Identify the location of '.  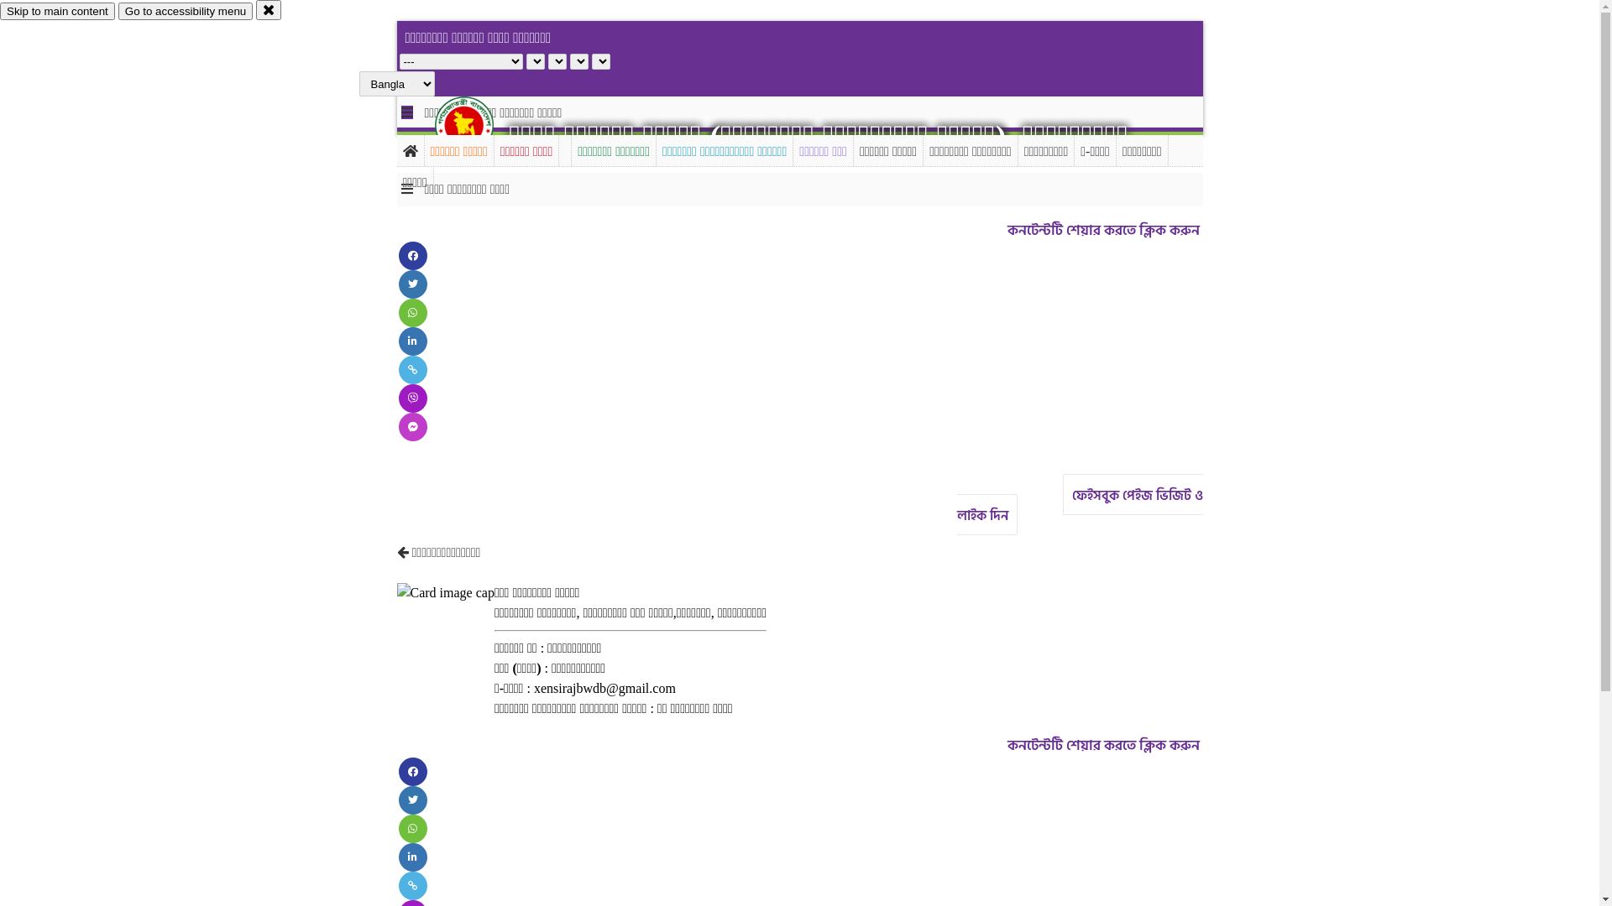
(435, 124).